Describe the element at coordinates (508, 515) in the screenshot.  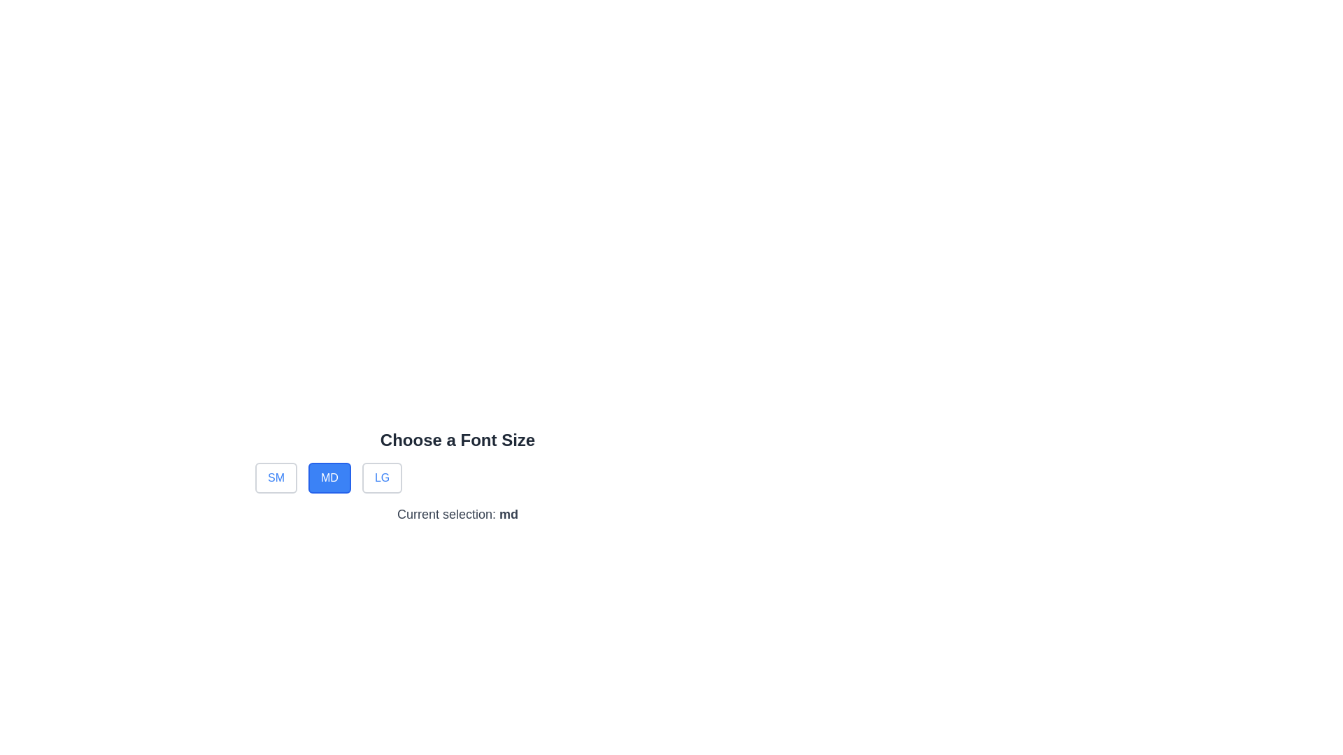
I see `the bold text displaying the label 'md' in dark gray color, which is part of the sentence 'Current selection: md' located below the font size selection area` at that location.